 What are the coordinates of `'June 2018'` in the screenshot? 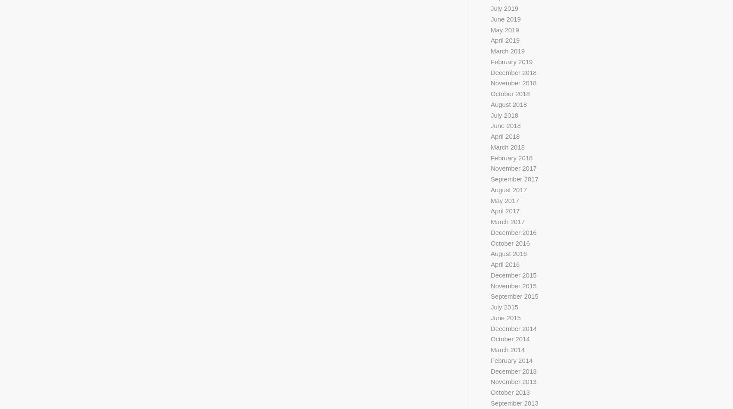 It's located at (504, 125).